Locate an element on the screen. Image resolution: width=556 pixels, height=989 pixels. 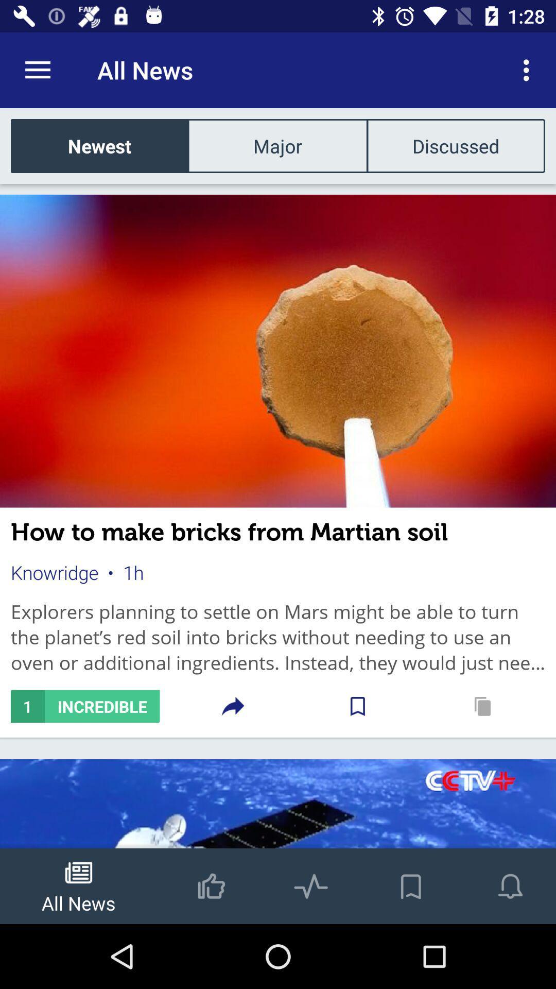
the icon next to the all news icon is located at coordinates (529, 70).